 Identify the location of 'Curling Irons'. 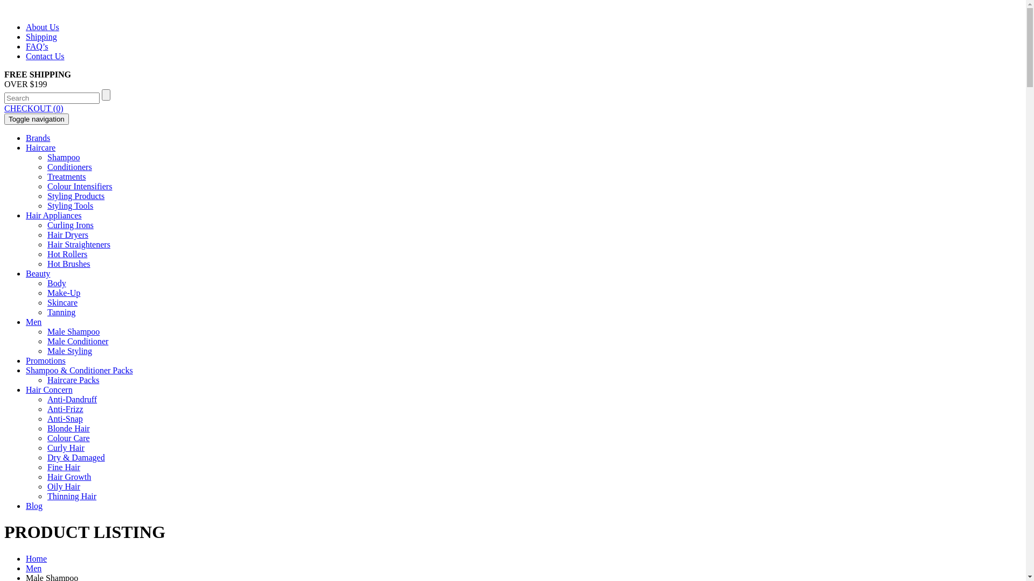
(69, 224).